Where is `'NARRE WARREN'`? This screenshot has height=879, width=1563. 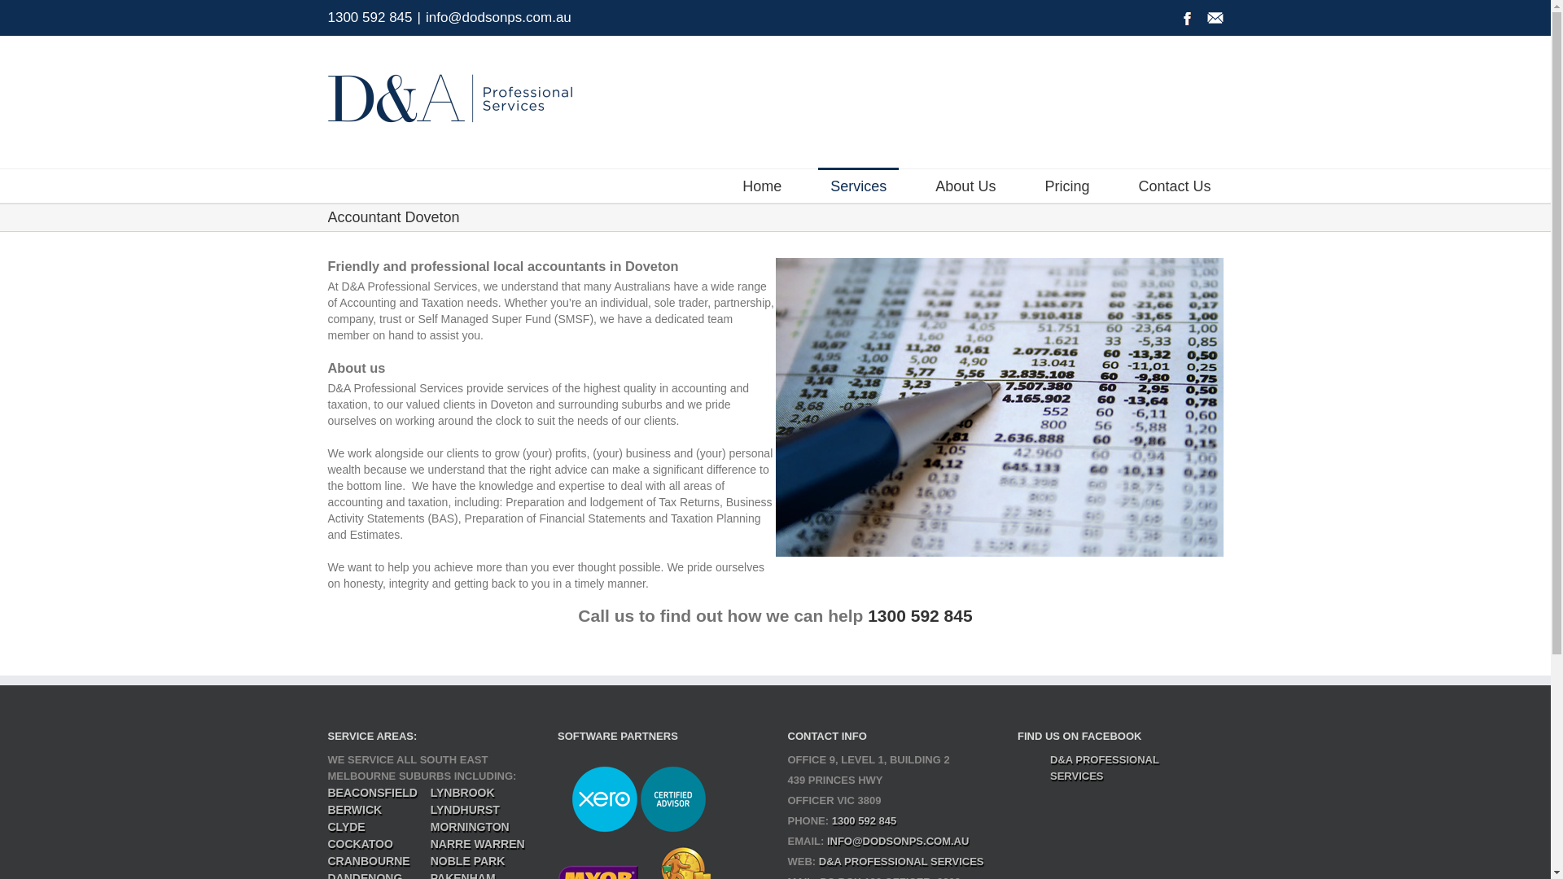
'NARRE WARREN' is located at coordinates (476, 843).